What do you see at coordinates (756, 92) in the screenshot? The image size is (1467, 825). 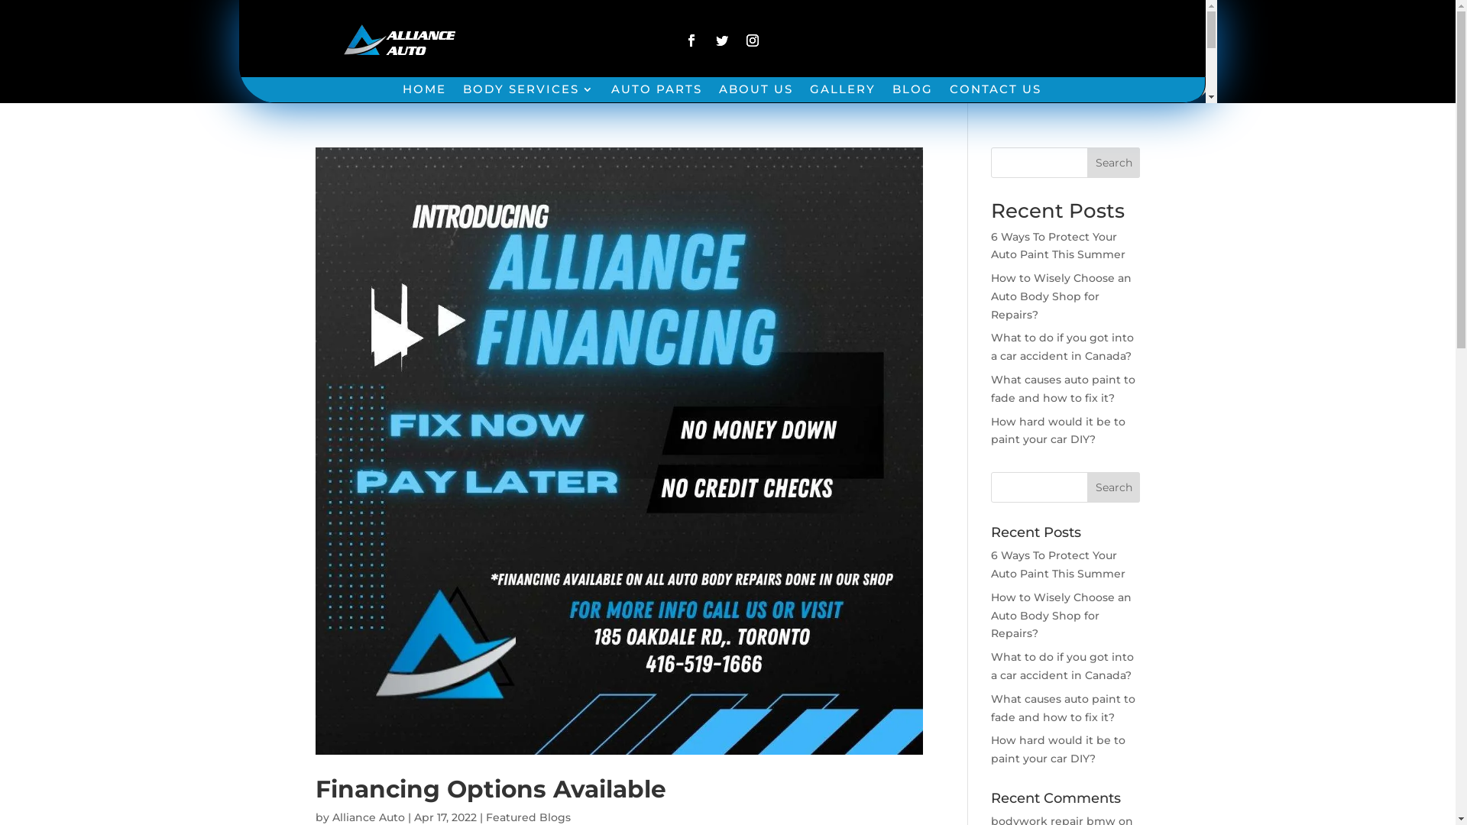 I see `'ABOUT US'` at bounding box center [756, 92].